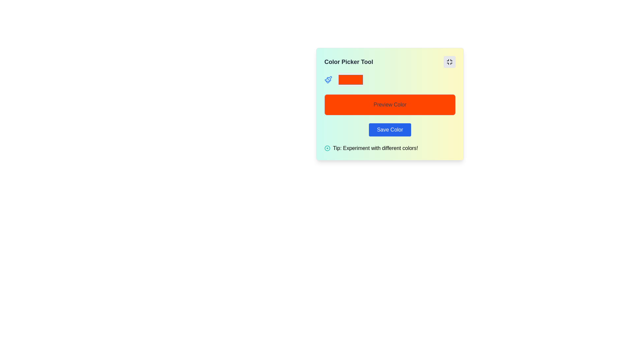 The image size is (633, 356). What do you see at coordinates (449, 62) in the screenshot?
I see `the minimize button with an icon for the 'Color Picker Tool' interface` at bounding box center [449, 62].